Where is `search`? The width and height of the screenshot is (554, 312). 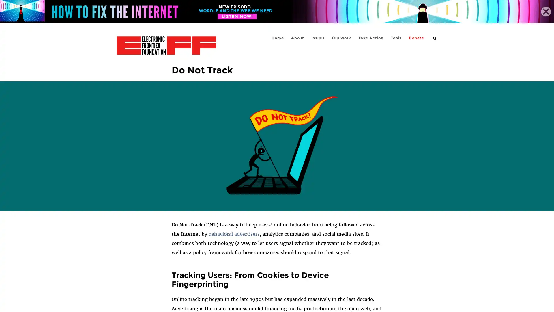
search is located at coordinates (435, 38).